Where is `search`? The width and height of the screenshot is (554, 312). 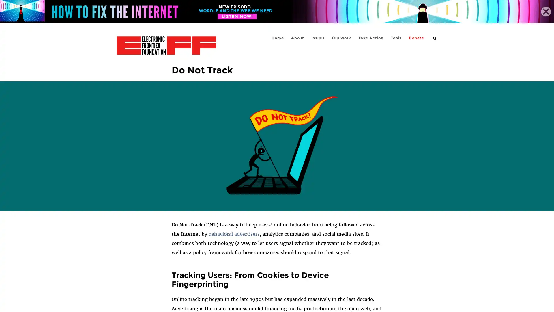
search is located at coordinates (435, 38).